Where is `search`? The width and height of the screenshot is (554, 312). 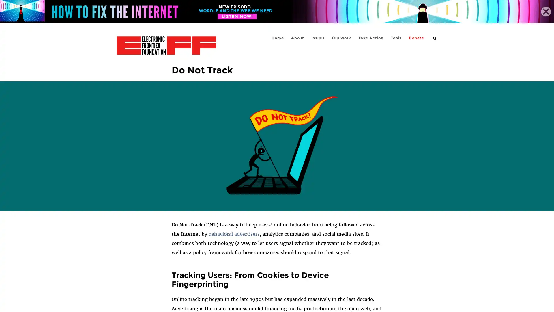
search is located at coordinates (435, 38).